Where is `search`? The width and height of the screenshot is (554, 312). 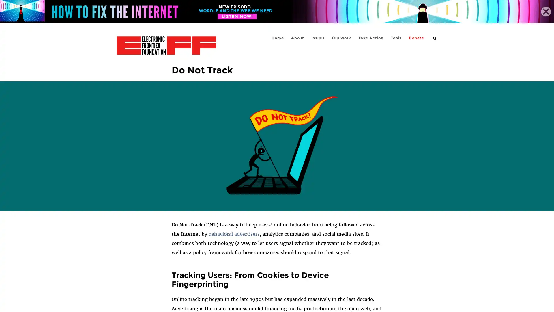
search is located at coordinates (435, 38).